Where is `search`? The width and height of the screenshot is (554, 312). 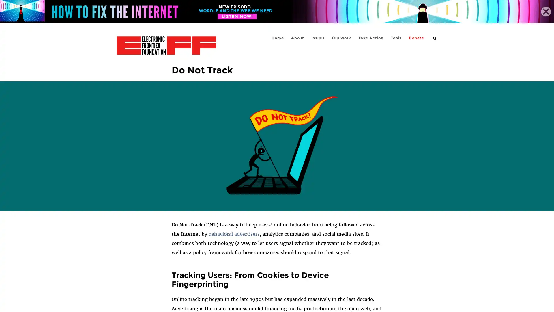
search is located at coordinates (435, 38).